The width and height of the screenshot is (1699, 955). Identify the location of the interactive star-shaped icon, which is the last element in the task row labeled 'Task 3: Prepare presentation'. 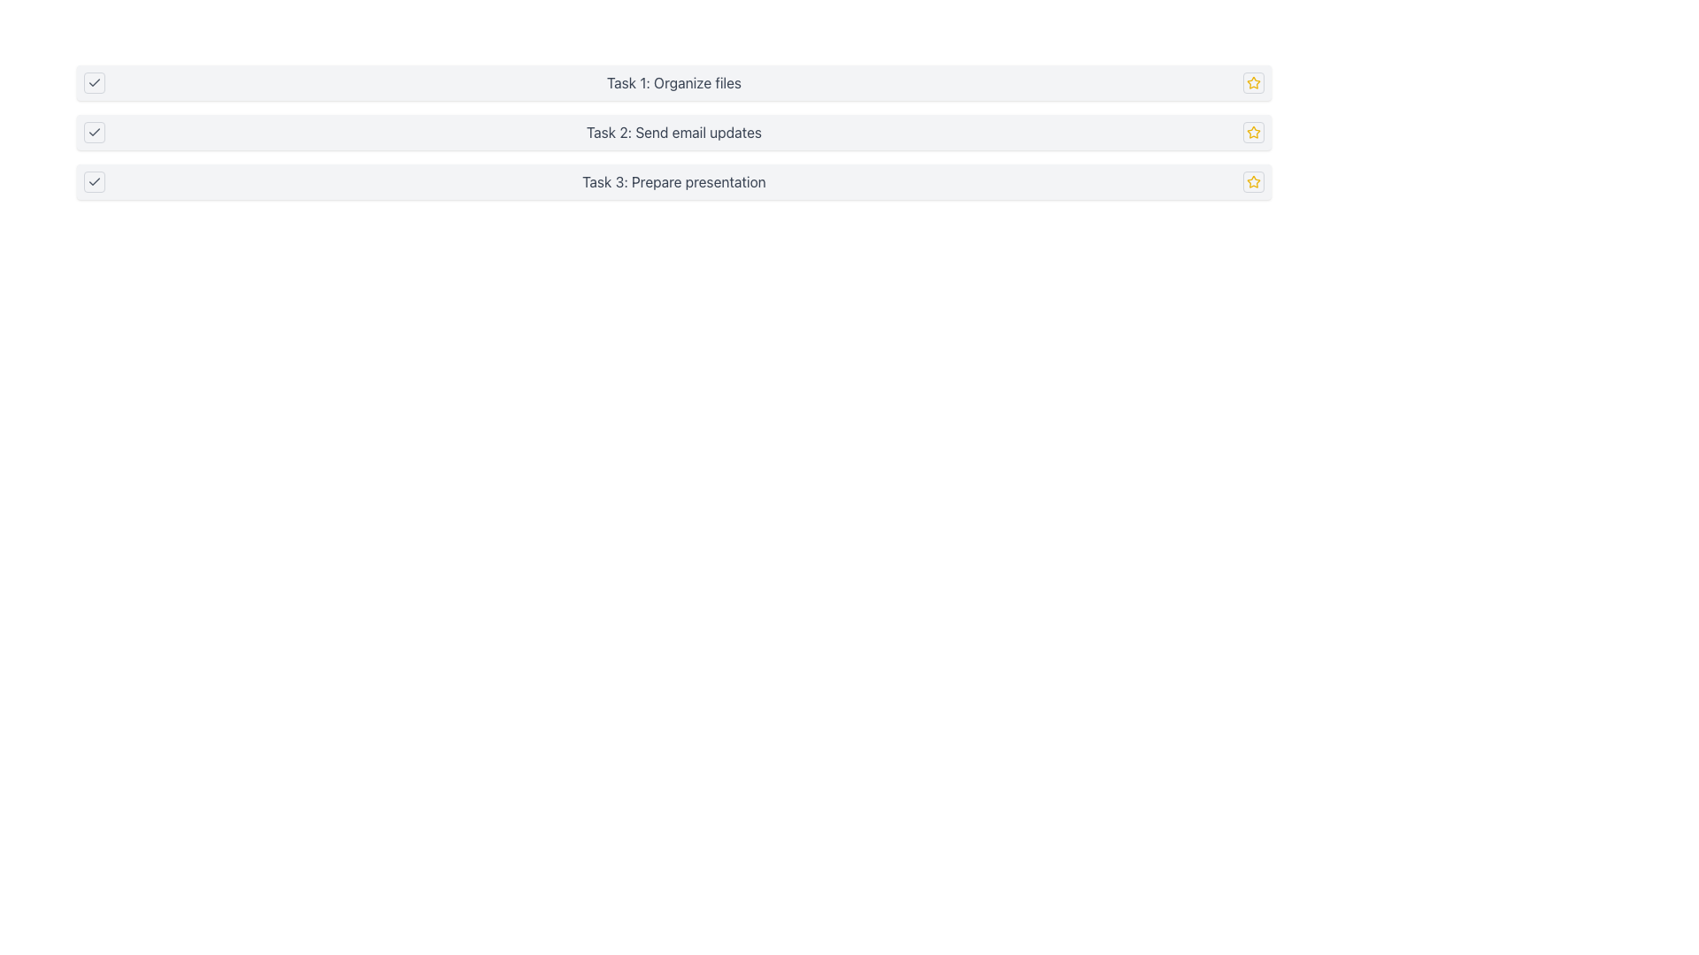
(1252, 181).